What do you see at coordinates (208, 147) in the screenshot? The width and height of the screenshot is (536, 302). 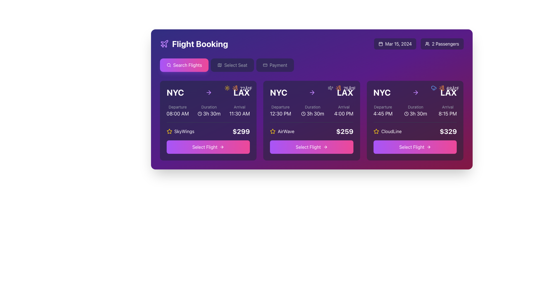 I see `the button located at the bottom of the leftmost flight card under the 'SkyWings' label` at bounding box center [208, 147].